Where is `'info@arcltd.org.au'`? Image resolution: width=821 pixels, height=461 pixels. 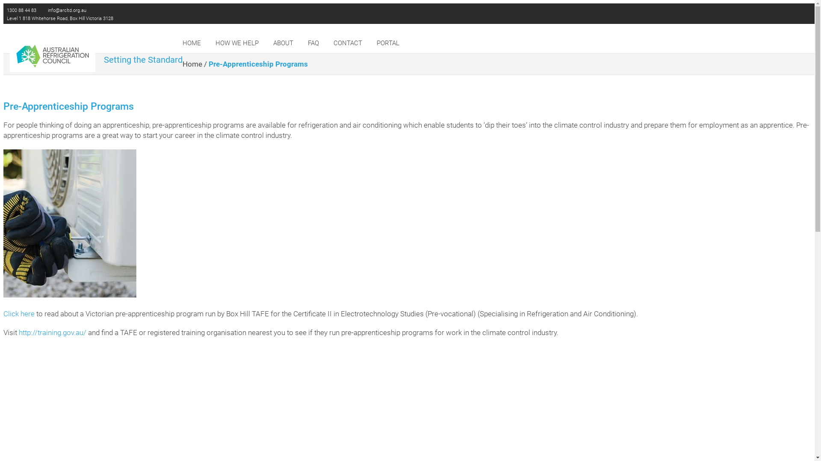 'info@arcltd.org.au' is located at coordinates (66, 10).